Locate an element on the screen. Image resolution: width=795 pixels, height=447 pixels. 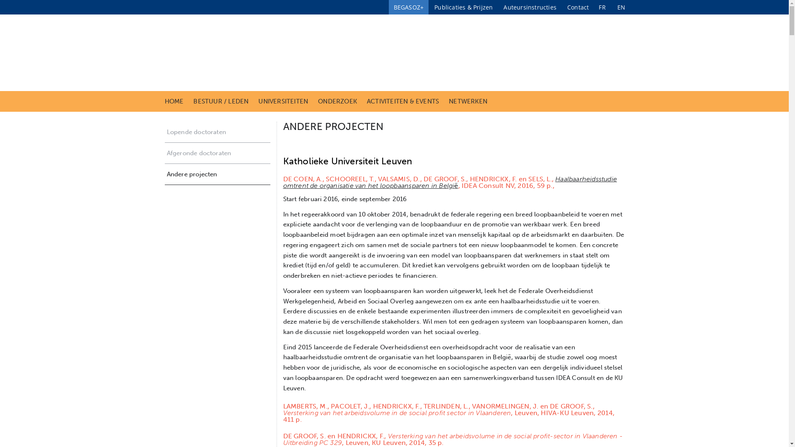
'NETWERKEN' is located at coordinates (468, 101).